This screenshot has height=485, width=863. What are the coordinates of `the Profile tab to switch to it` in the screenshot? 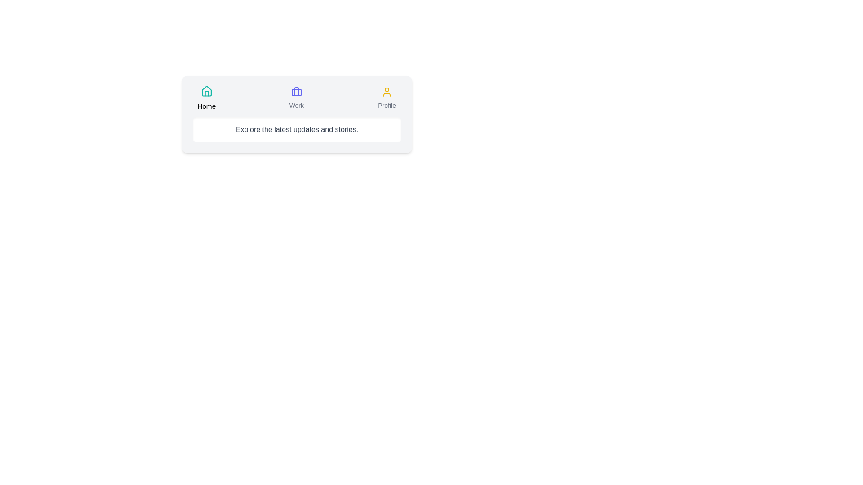 It's located at (387, 98).